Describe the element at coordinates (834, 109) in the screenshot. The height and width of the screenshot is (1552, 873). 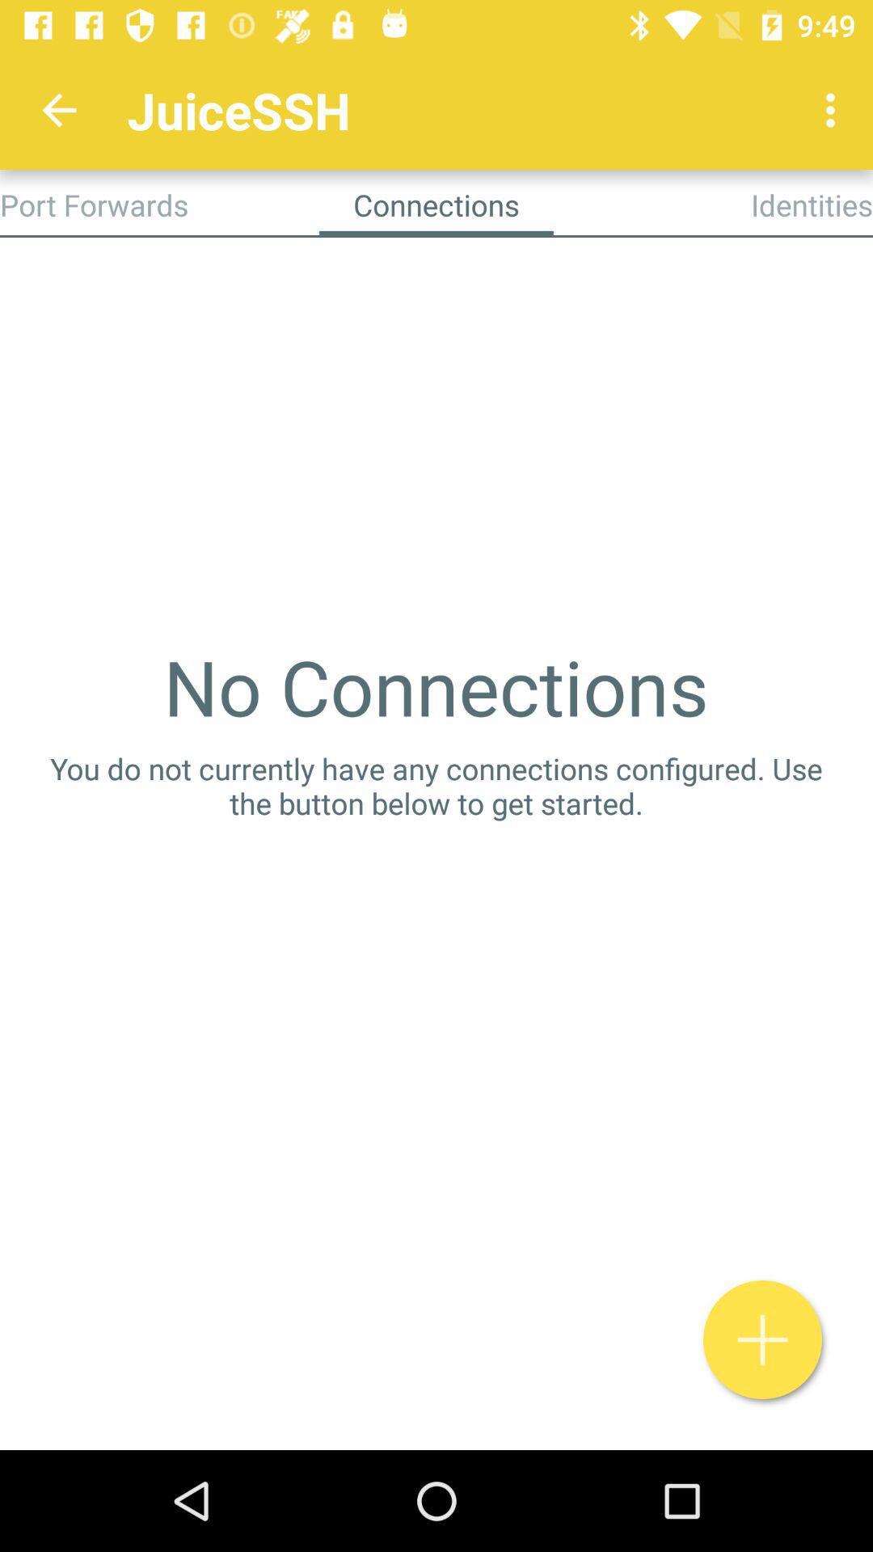
I see `the icon next to juicessh app` at that location.